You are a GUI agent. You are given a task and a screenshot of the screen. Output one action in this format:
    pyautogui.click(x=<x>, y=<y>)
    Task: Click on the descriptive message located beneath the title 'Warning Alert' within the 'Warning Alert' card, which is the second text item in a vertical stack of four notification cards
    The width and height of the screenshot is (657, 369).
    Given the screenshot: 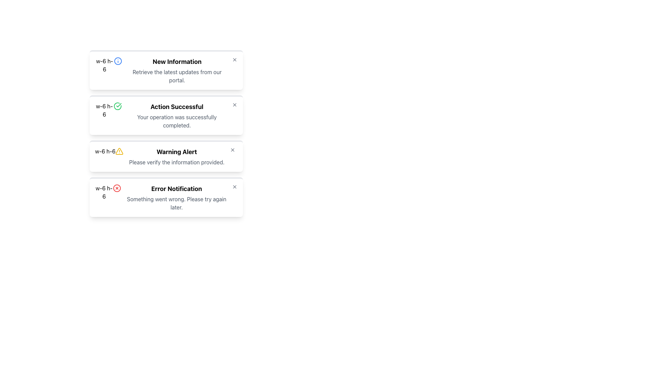 What is the action you would take?
    pyautogui.click(x=177, y=162)
    